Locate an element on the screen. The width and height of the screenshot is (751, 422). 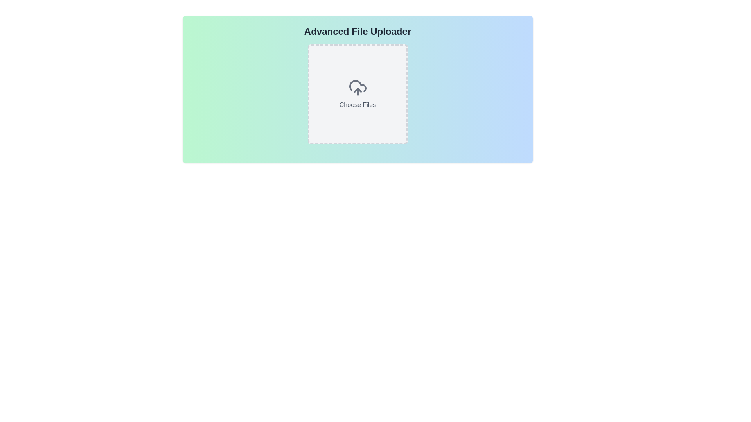
the visual indication of the upload function by interacting with the file upload icon located centrally within the 'Choose Files' area is located at coordinates (357, 88).